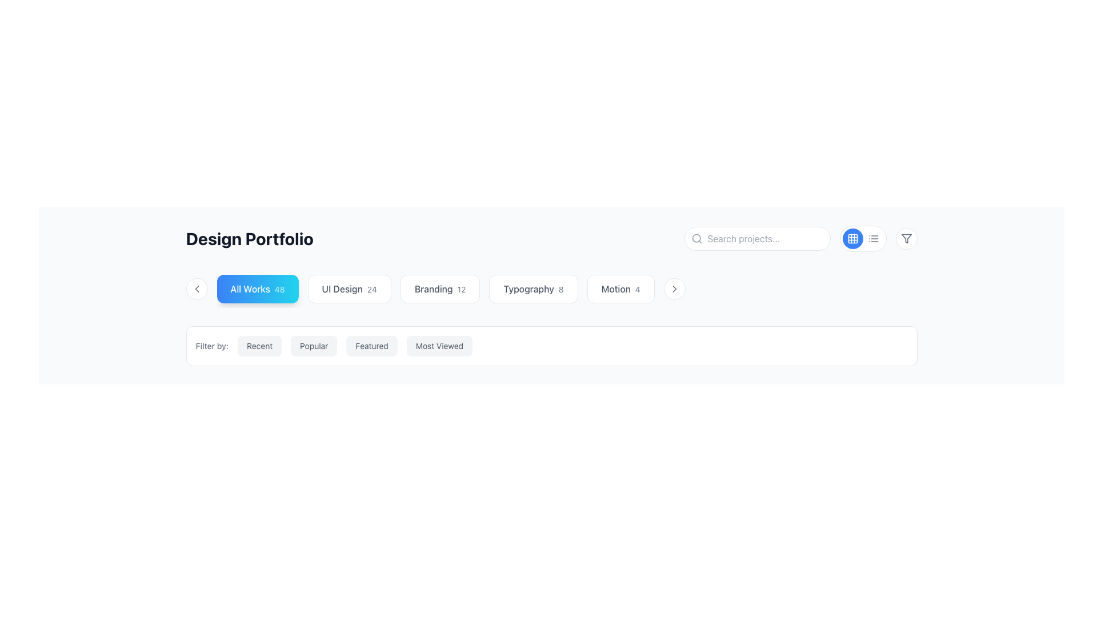 The height and width of the screenshot is (617, 1097). Describe the element at coordinates (314, 345) in the screenshot. I see `the 'Popular' button, which is the second filter option in the horizontal list, to apply the filter` at that location.